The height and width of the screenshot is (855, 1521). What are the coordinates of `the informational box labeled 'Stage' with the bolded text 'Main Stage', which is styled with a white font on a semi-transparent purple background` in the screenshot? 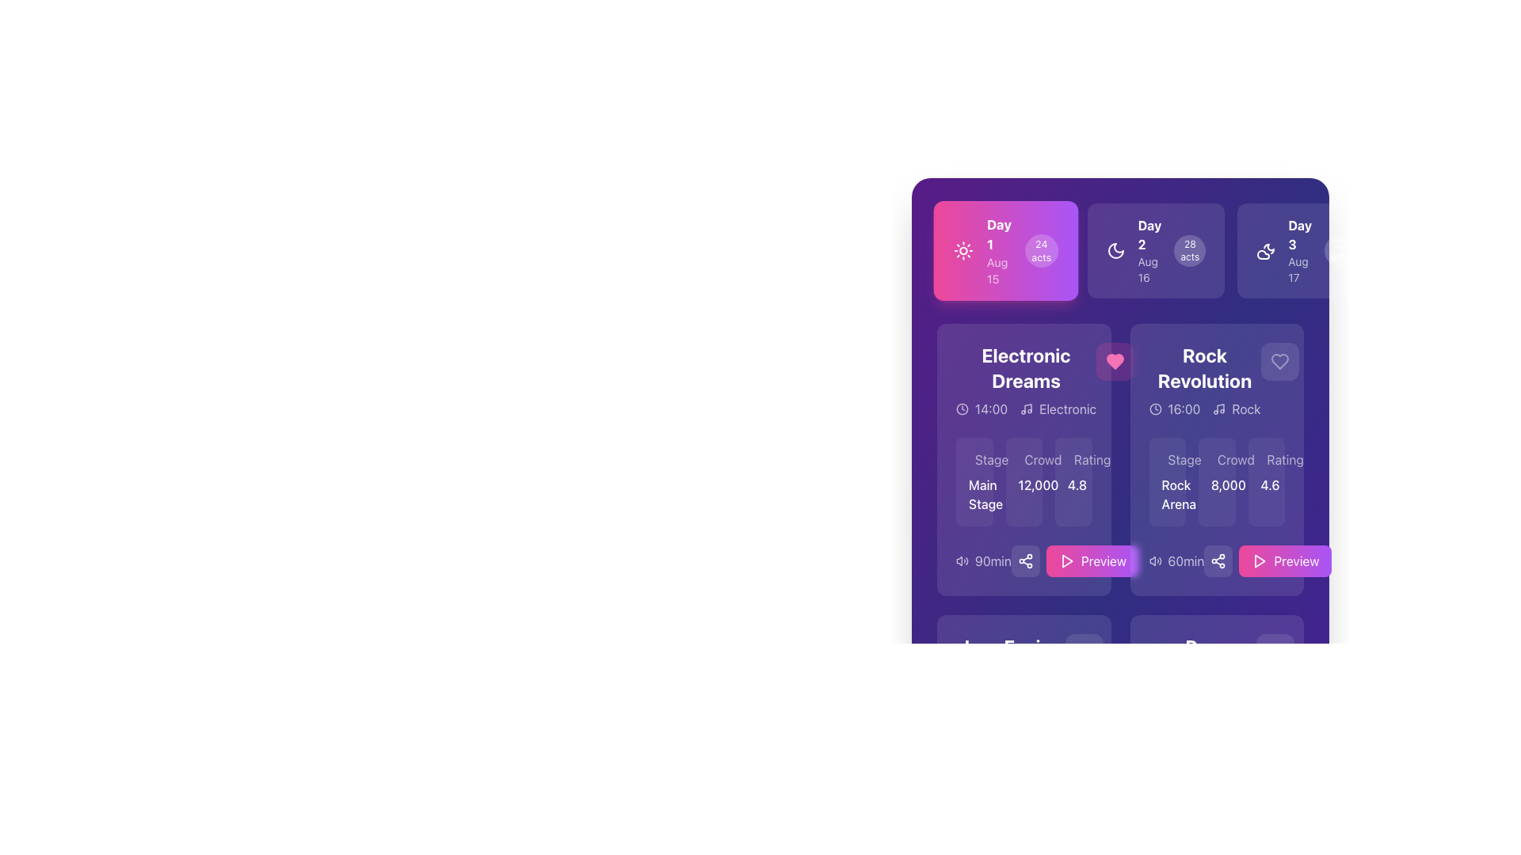 It's located at (974, 481).